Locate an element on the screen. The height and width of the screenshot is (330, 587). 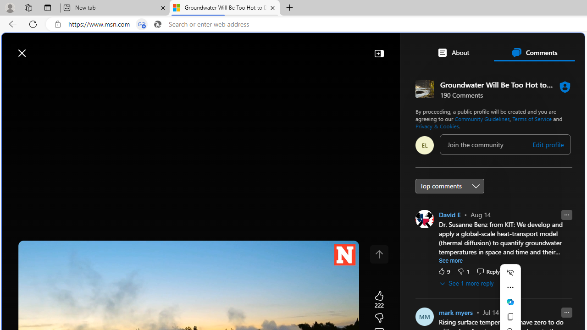
'David E' is located at coordinates (449, 214).